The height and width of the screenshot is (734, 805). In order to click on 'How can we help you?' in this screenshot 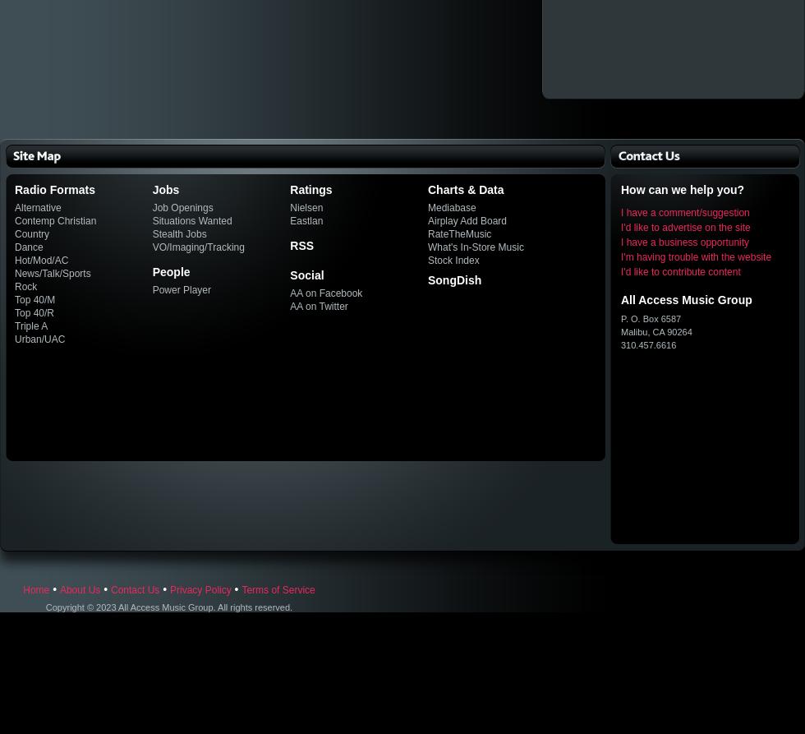, I will do `click(620, 189)`.